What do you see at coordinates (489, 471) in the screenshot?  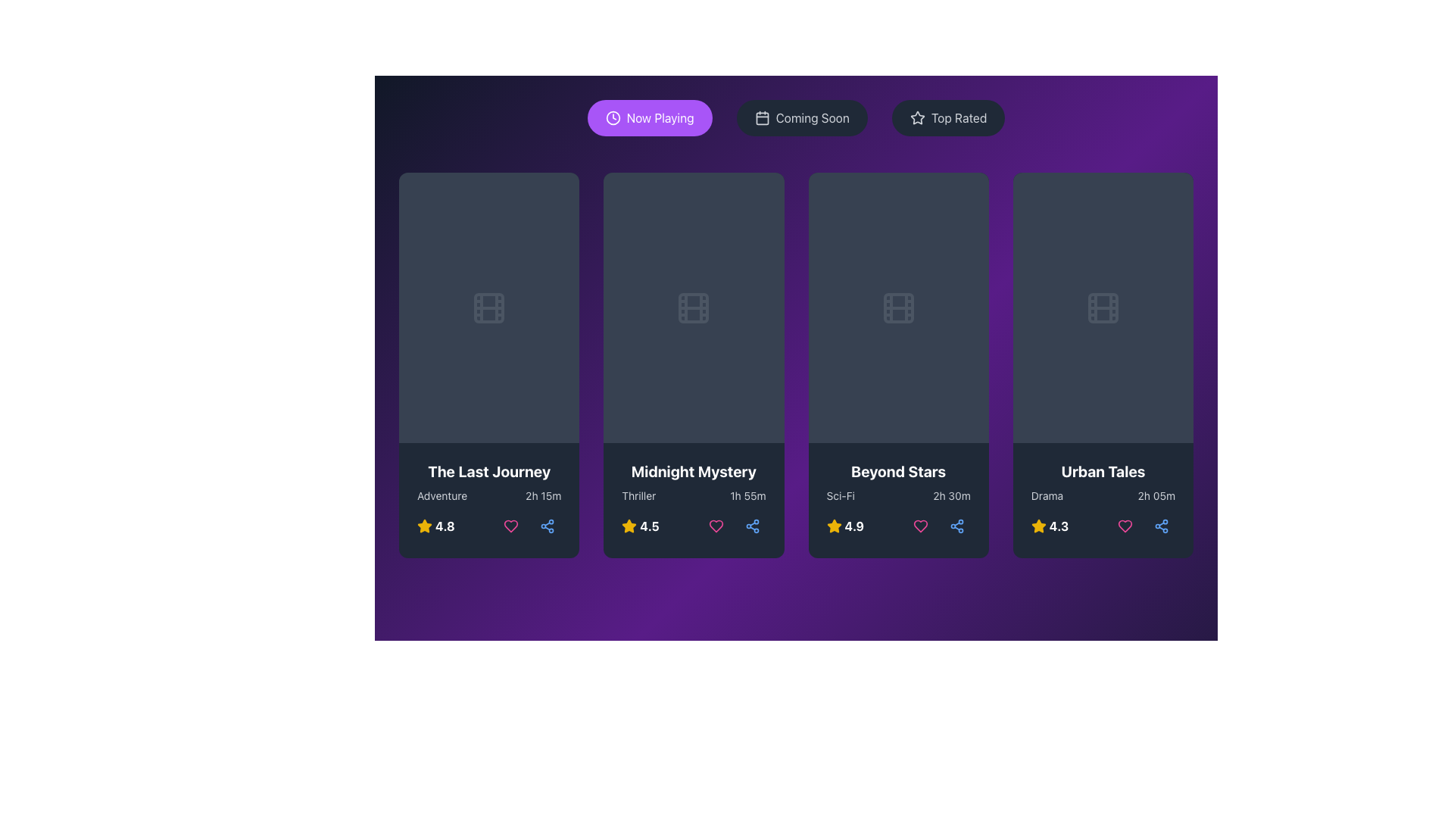 I see `the text label that reads 'The Last Journey', which is bold and white, located at the top section of the first movie card` at bounding box center [489, 471].